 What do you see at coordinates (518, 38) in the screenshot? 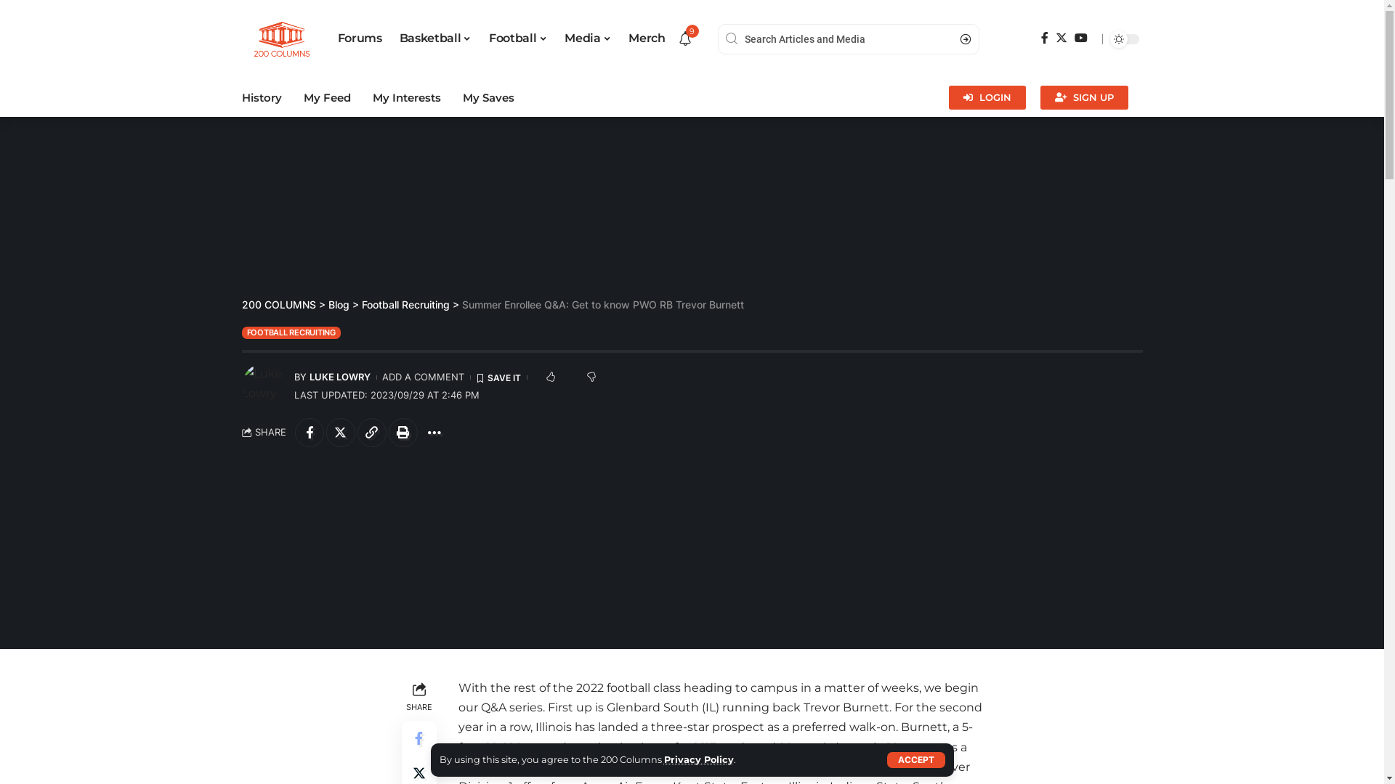
I see `'Football'` at bounding box center [518, 38].